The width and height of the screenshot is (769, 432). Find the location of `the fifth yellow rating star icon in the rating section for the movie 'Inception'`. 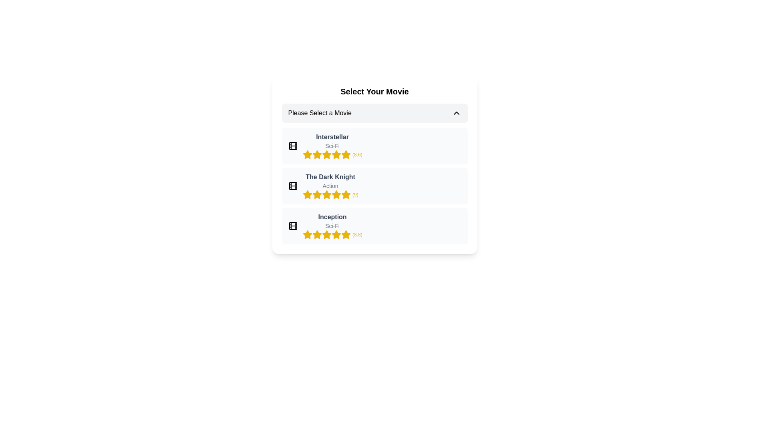

the fifth yellow rating star icon in the rating section for the movie 'Inception' is located at coordinates (346, 234).